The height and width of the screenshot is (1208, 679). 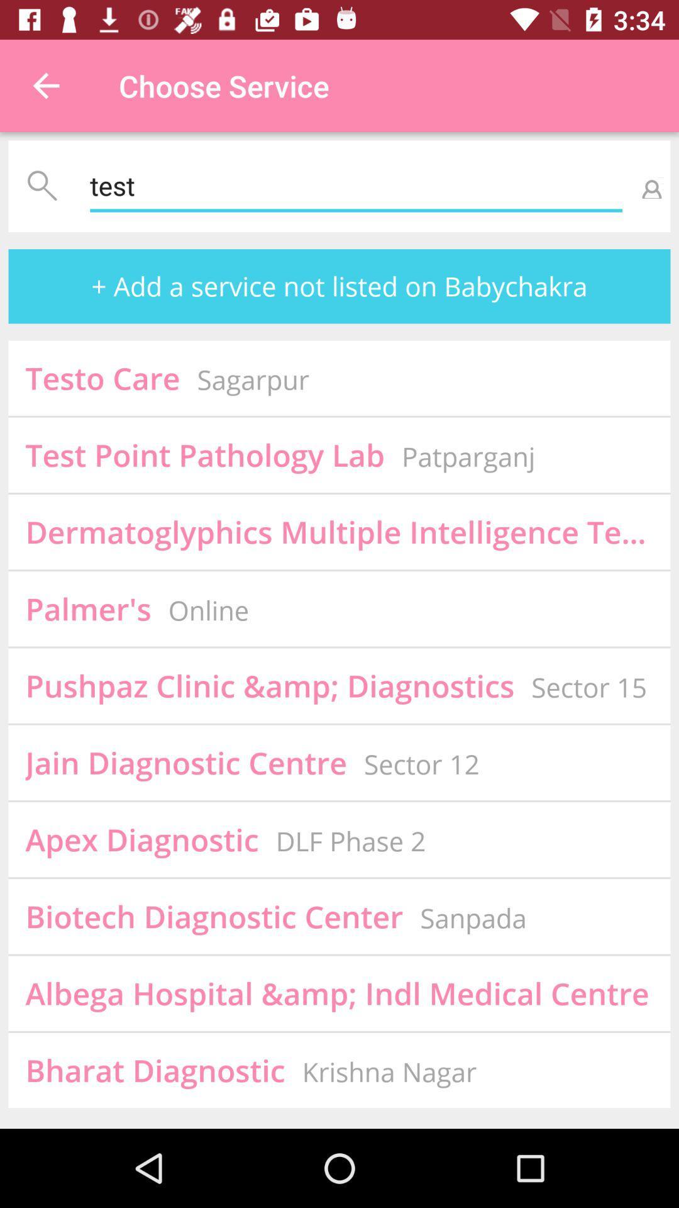 What do you see at coordinates (269, 685) in the screenshot?
I see `icon above jain diagnostic centre item` at bounding box center [269, 685].